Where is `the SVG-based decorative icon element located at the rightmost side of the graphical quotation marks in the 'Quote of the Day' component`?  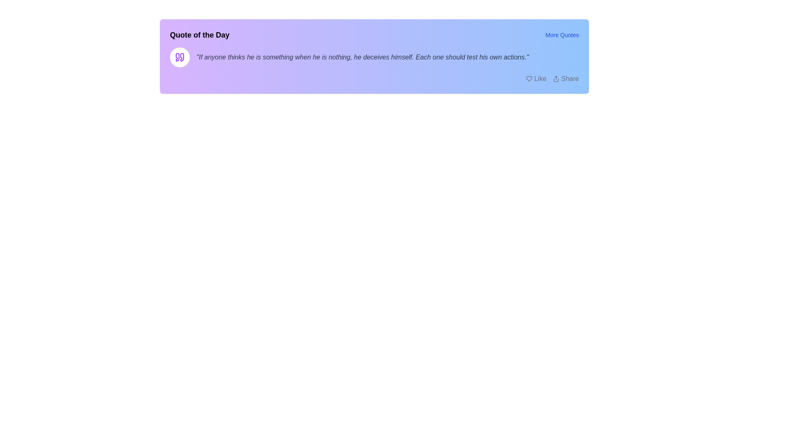 the SVG-based decorative icon element located at the rightmost side of the graphical quotation marks in the 'Quote of the Day' component is located at coordinates (182, 57).